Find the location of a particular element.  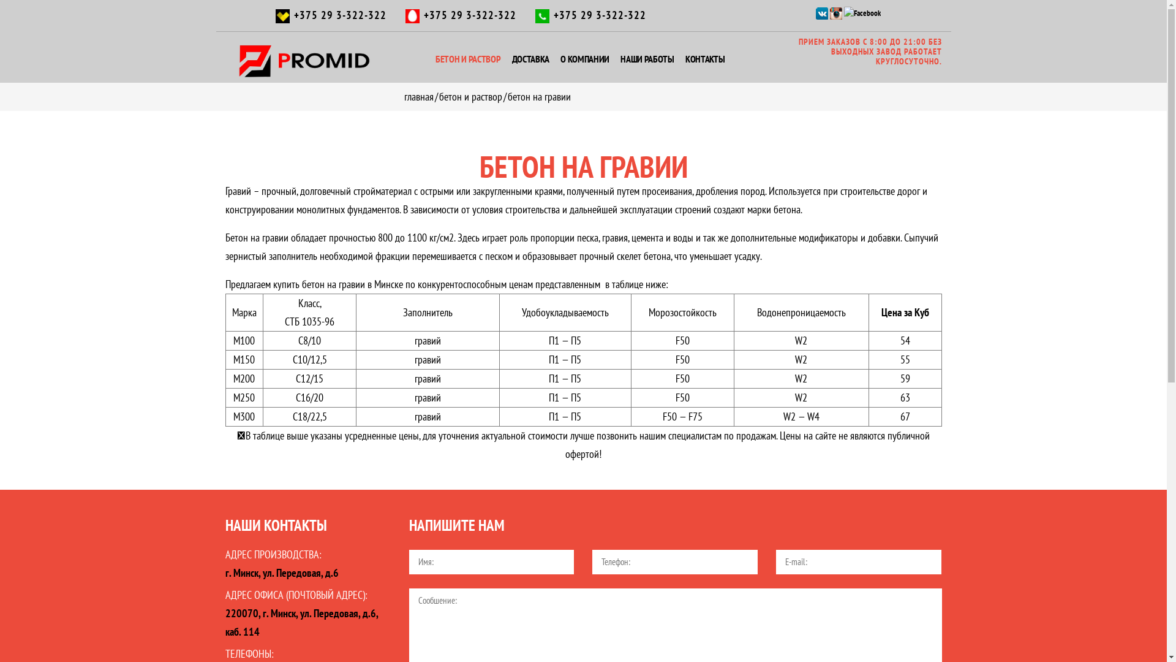

'+375 29 3-322-322' is located at coordinates (600, 15).